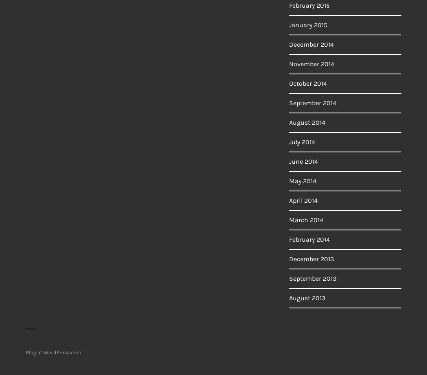  Describe the element at coordinates (303, 200) in the screenshot. I see `'April 2014'` at that location.